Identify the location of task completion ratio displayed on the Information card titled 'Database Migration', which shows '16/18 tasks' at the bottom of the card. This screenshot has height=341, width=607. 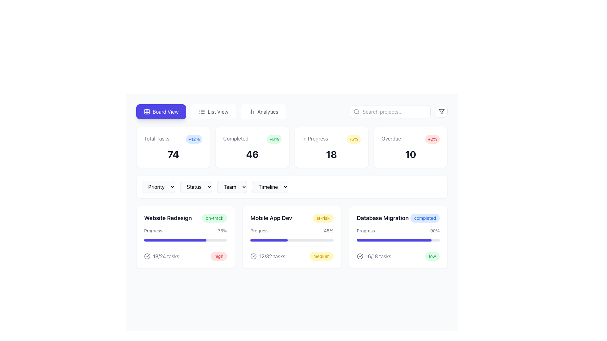
(398, 237).